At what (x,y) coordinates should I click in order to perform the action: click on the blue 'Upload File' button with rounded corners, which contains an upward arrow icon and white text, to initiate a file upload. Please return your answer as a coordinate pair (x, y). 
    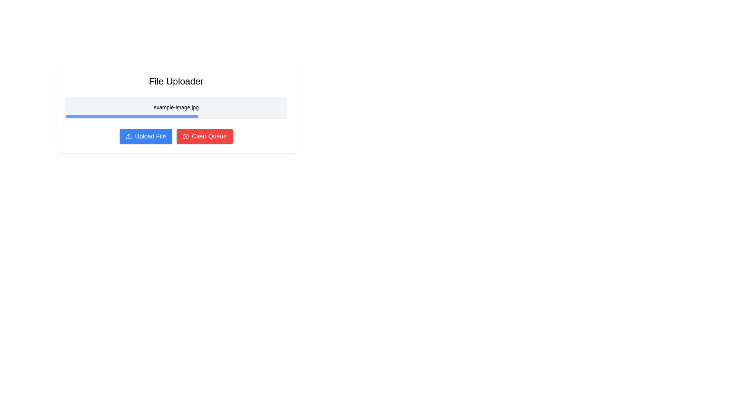
    Looking at the image, I should click on (146, 136).